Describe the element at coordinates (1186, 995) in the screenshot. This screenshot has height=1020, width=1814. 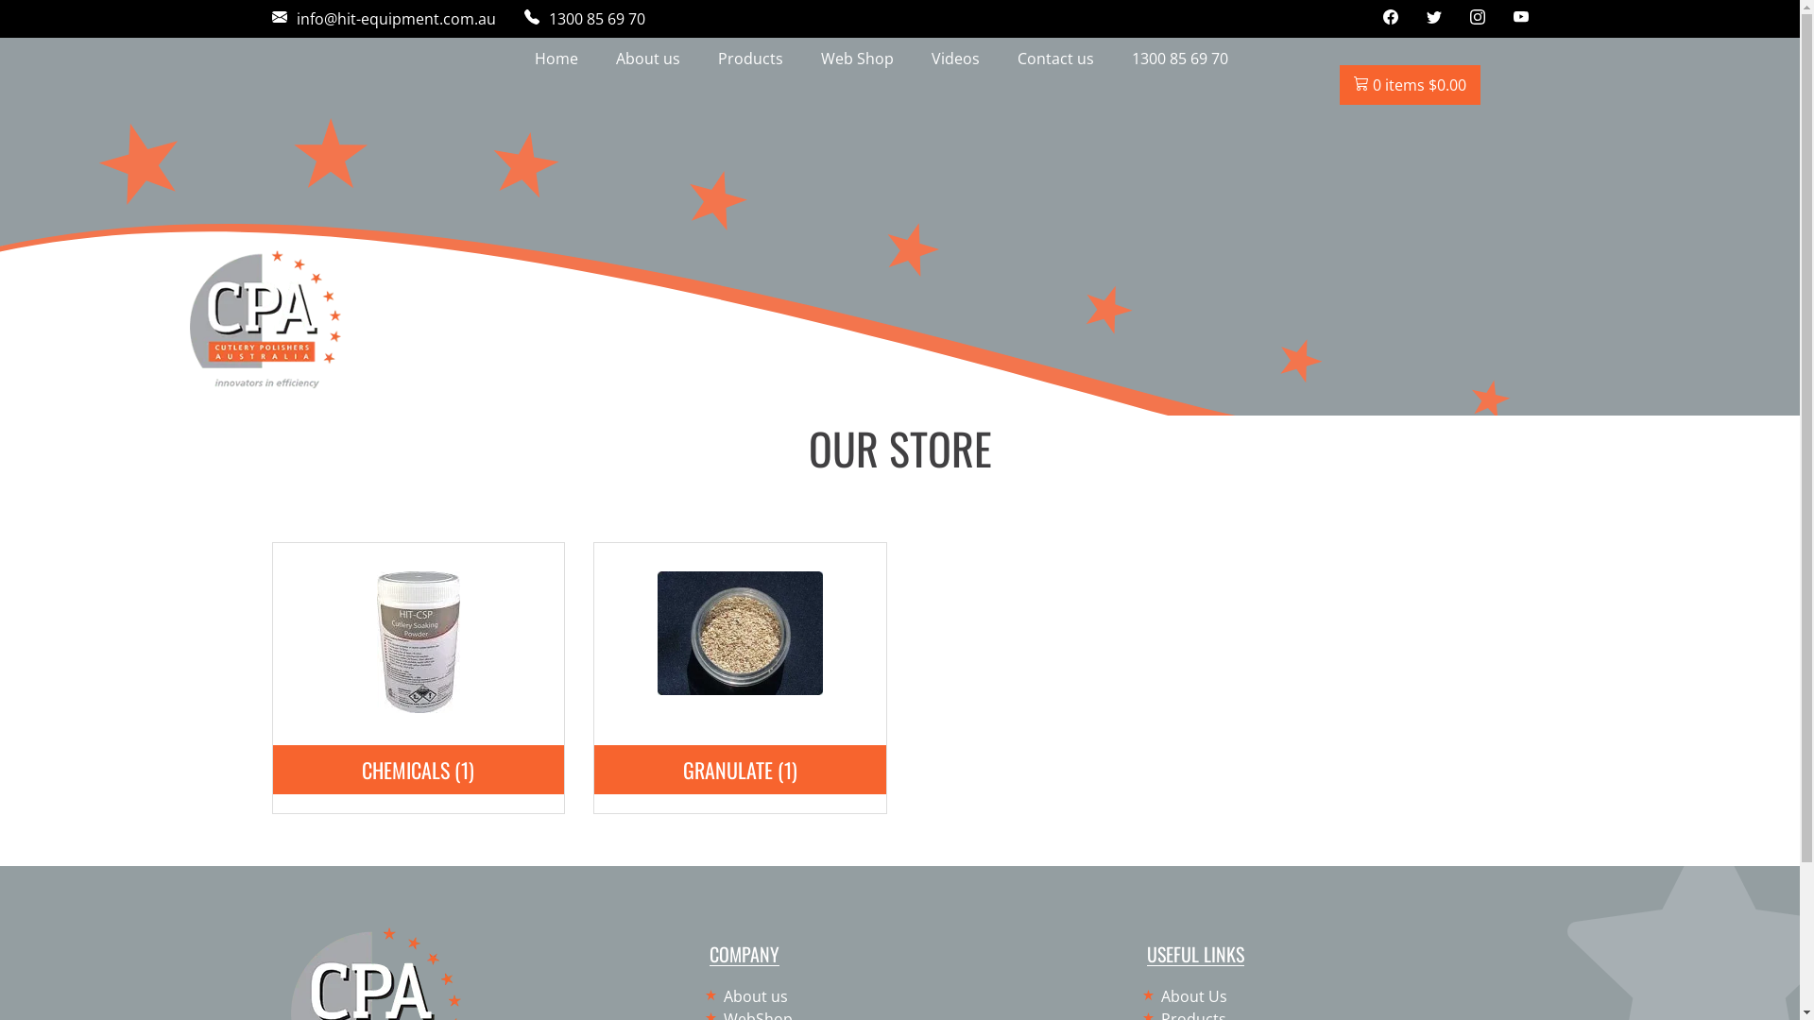
I see `'About Us'` at that location.